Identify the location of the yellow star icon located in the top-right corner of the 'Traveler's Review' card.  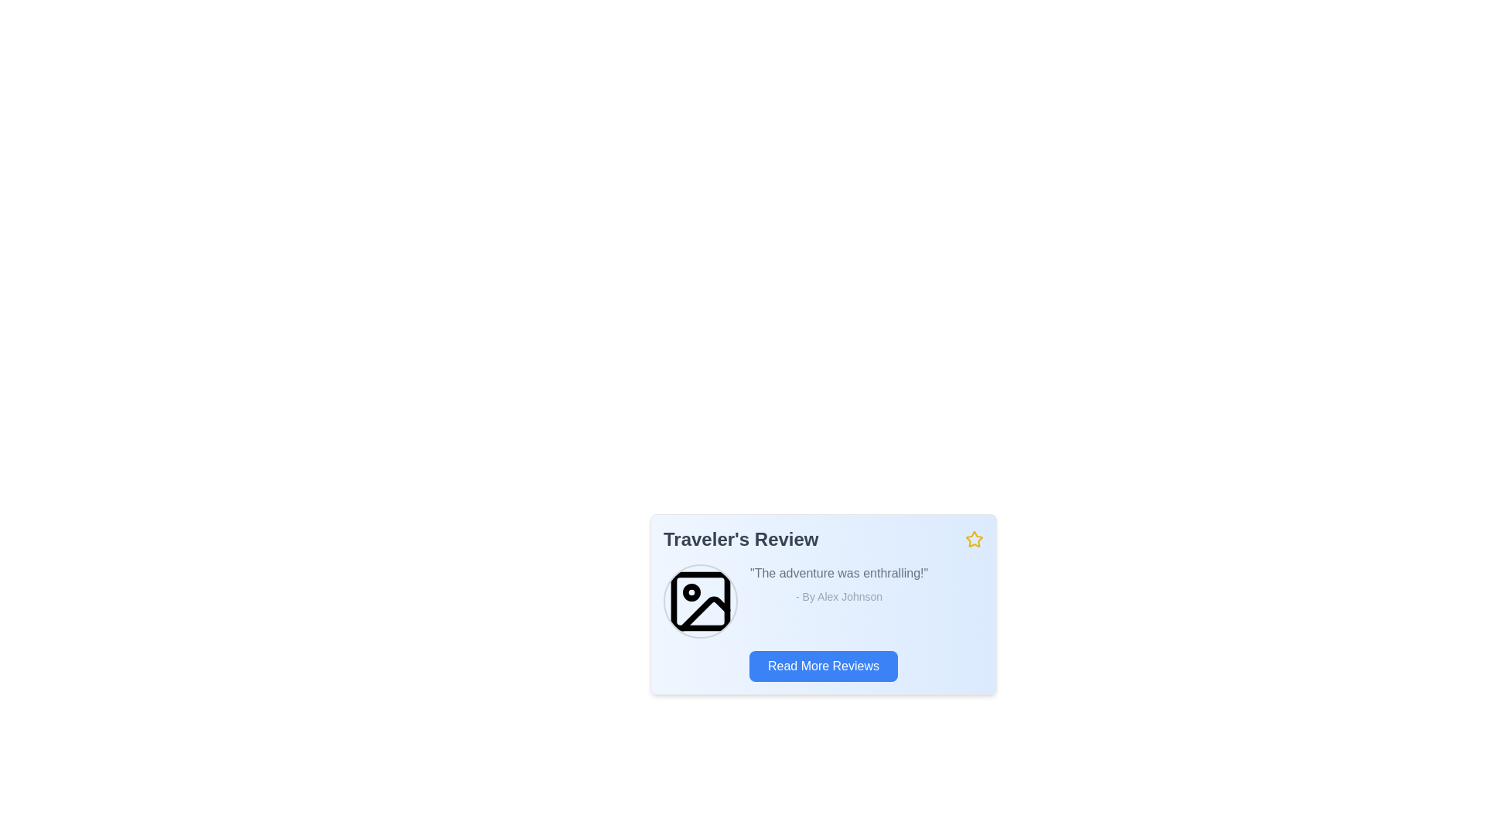
(972, 538).